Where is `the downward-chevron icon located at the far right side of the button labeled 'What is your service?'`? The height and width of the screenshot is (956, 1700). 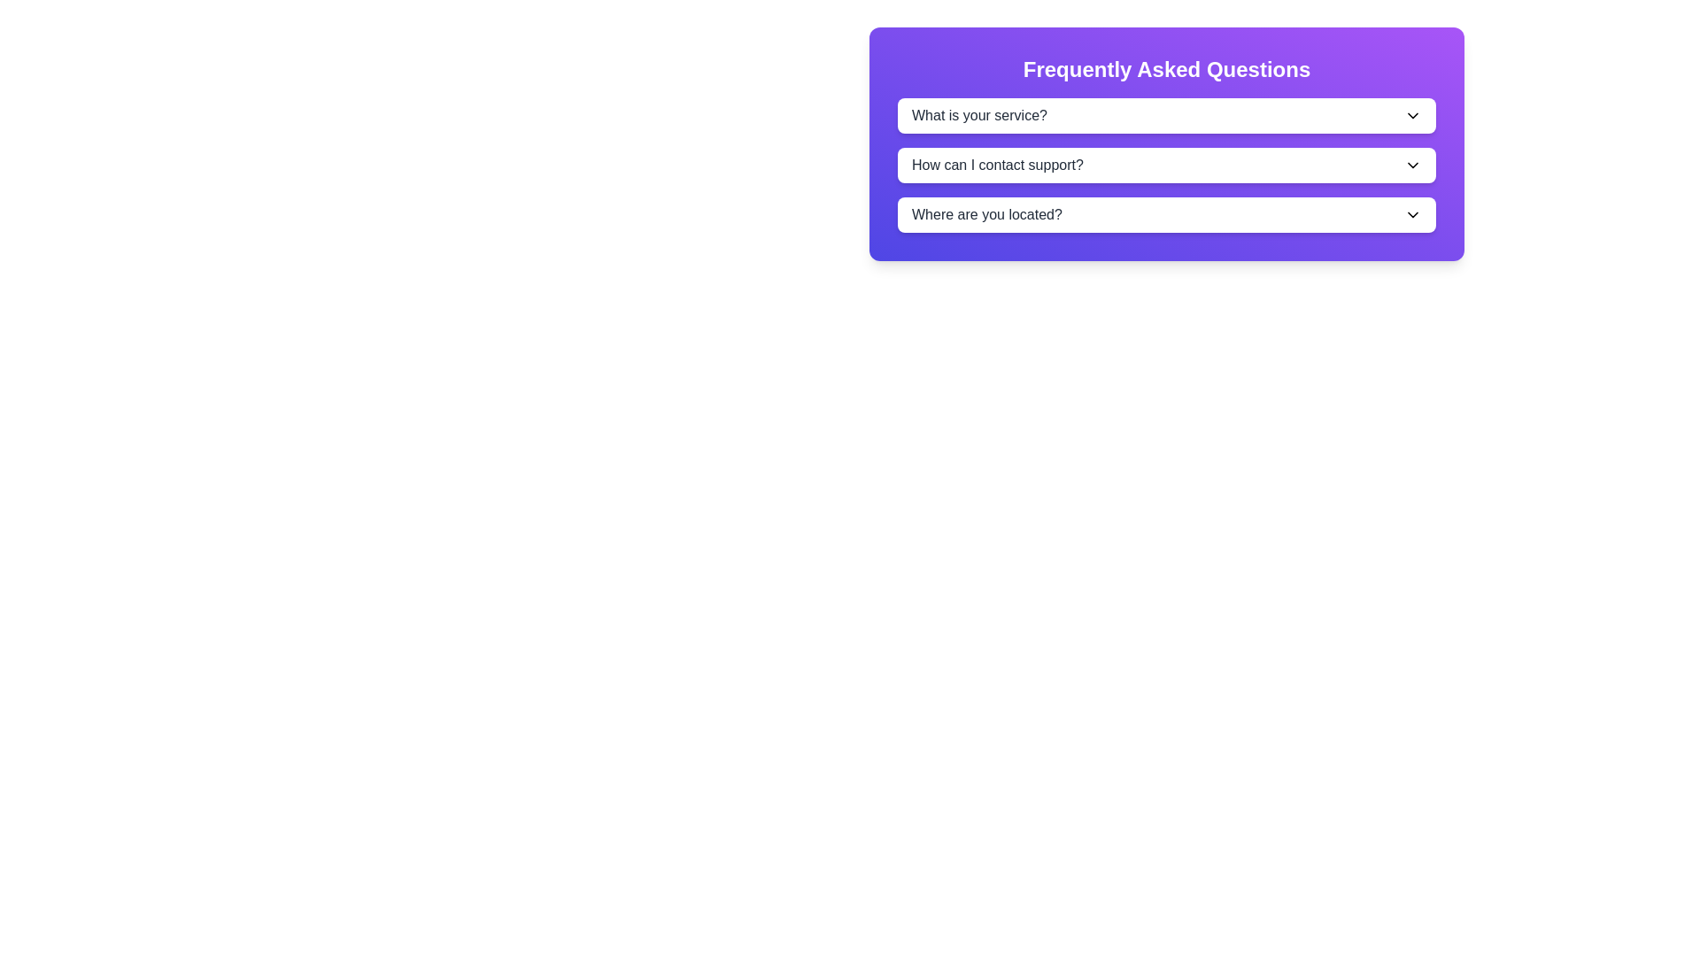
the downward-chevron icon located at the far right side of the button labeled 'What is your service?' is located at coordinates (1412, 116).